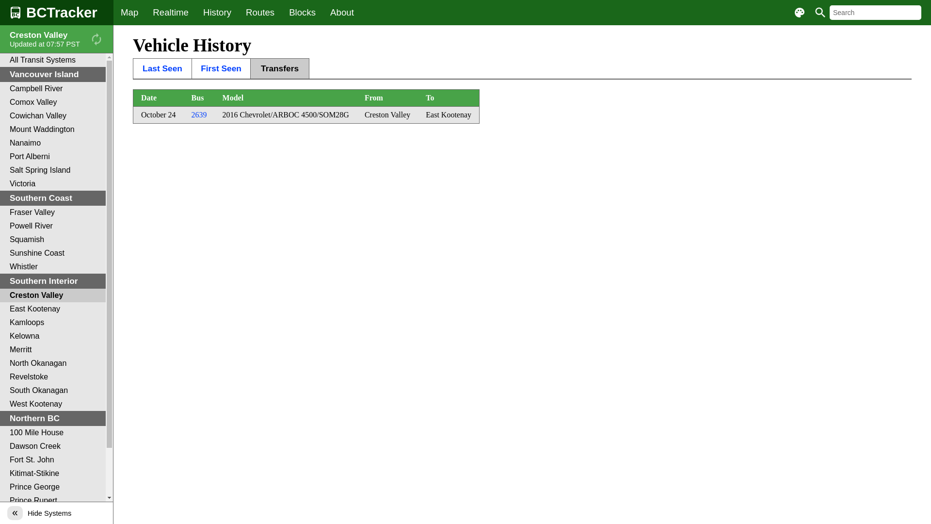 The image size is (931, 524). I want to click on 'All Transit Systems', so click(52, 60).